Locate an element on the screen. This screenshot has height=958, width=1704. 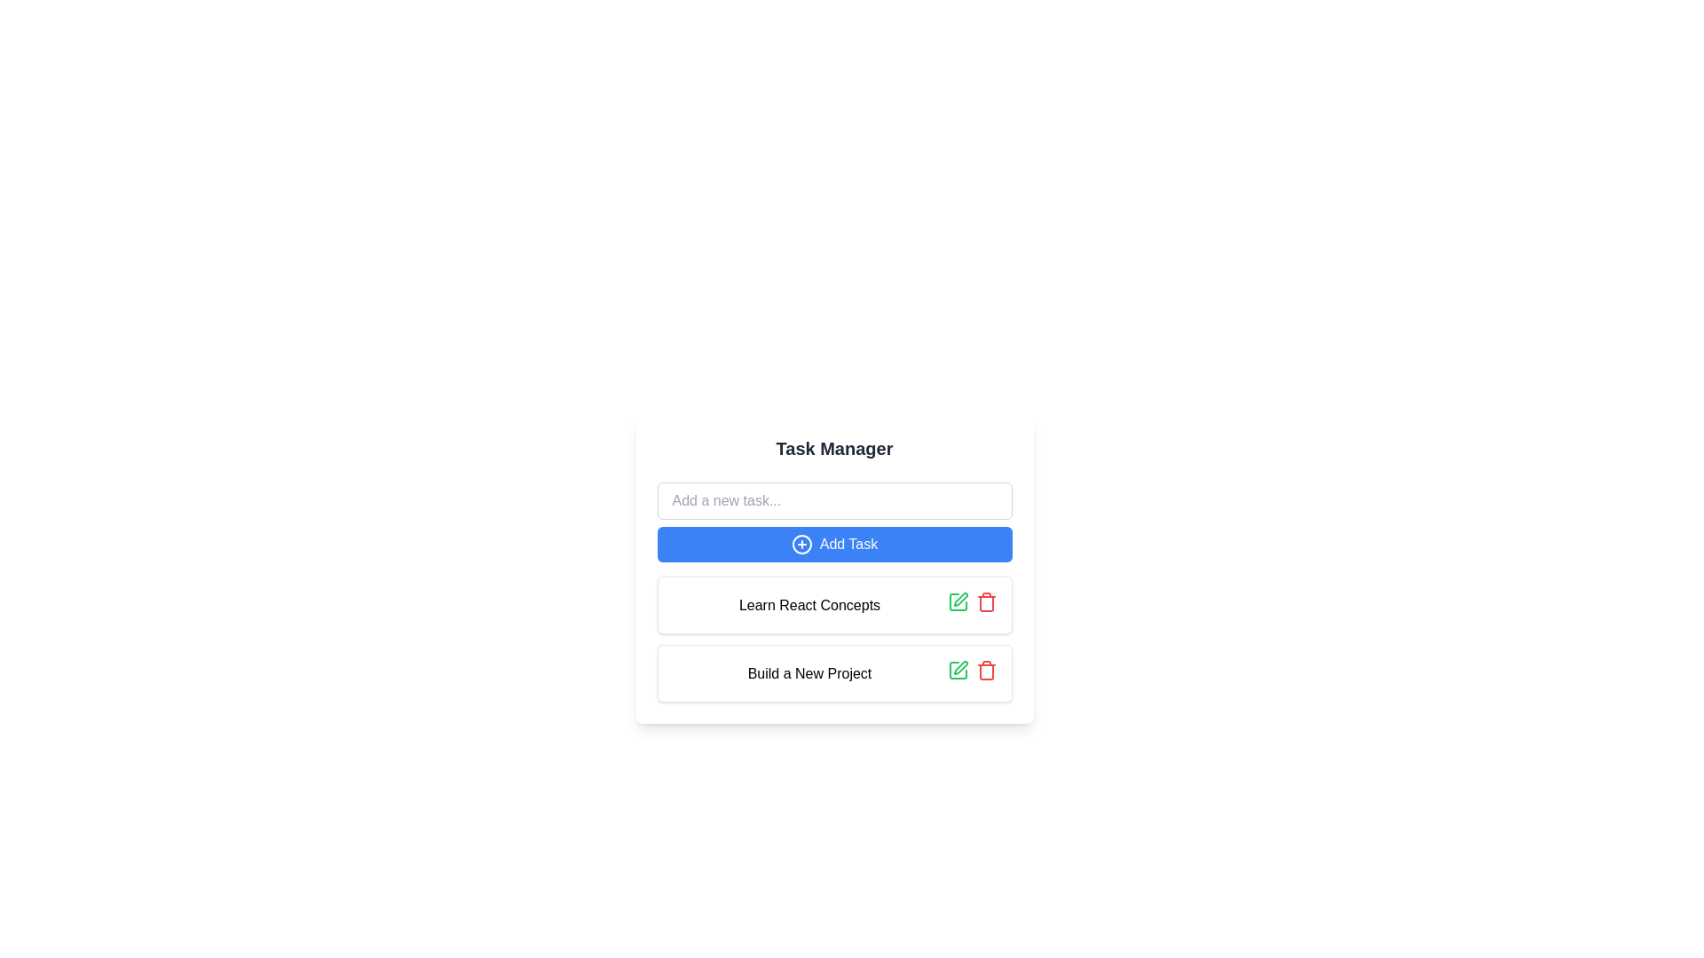
the 'Add Task' icon located to the left of the button label to interact with the button is located at coordinates (801, 543).